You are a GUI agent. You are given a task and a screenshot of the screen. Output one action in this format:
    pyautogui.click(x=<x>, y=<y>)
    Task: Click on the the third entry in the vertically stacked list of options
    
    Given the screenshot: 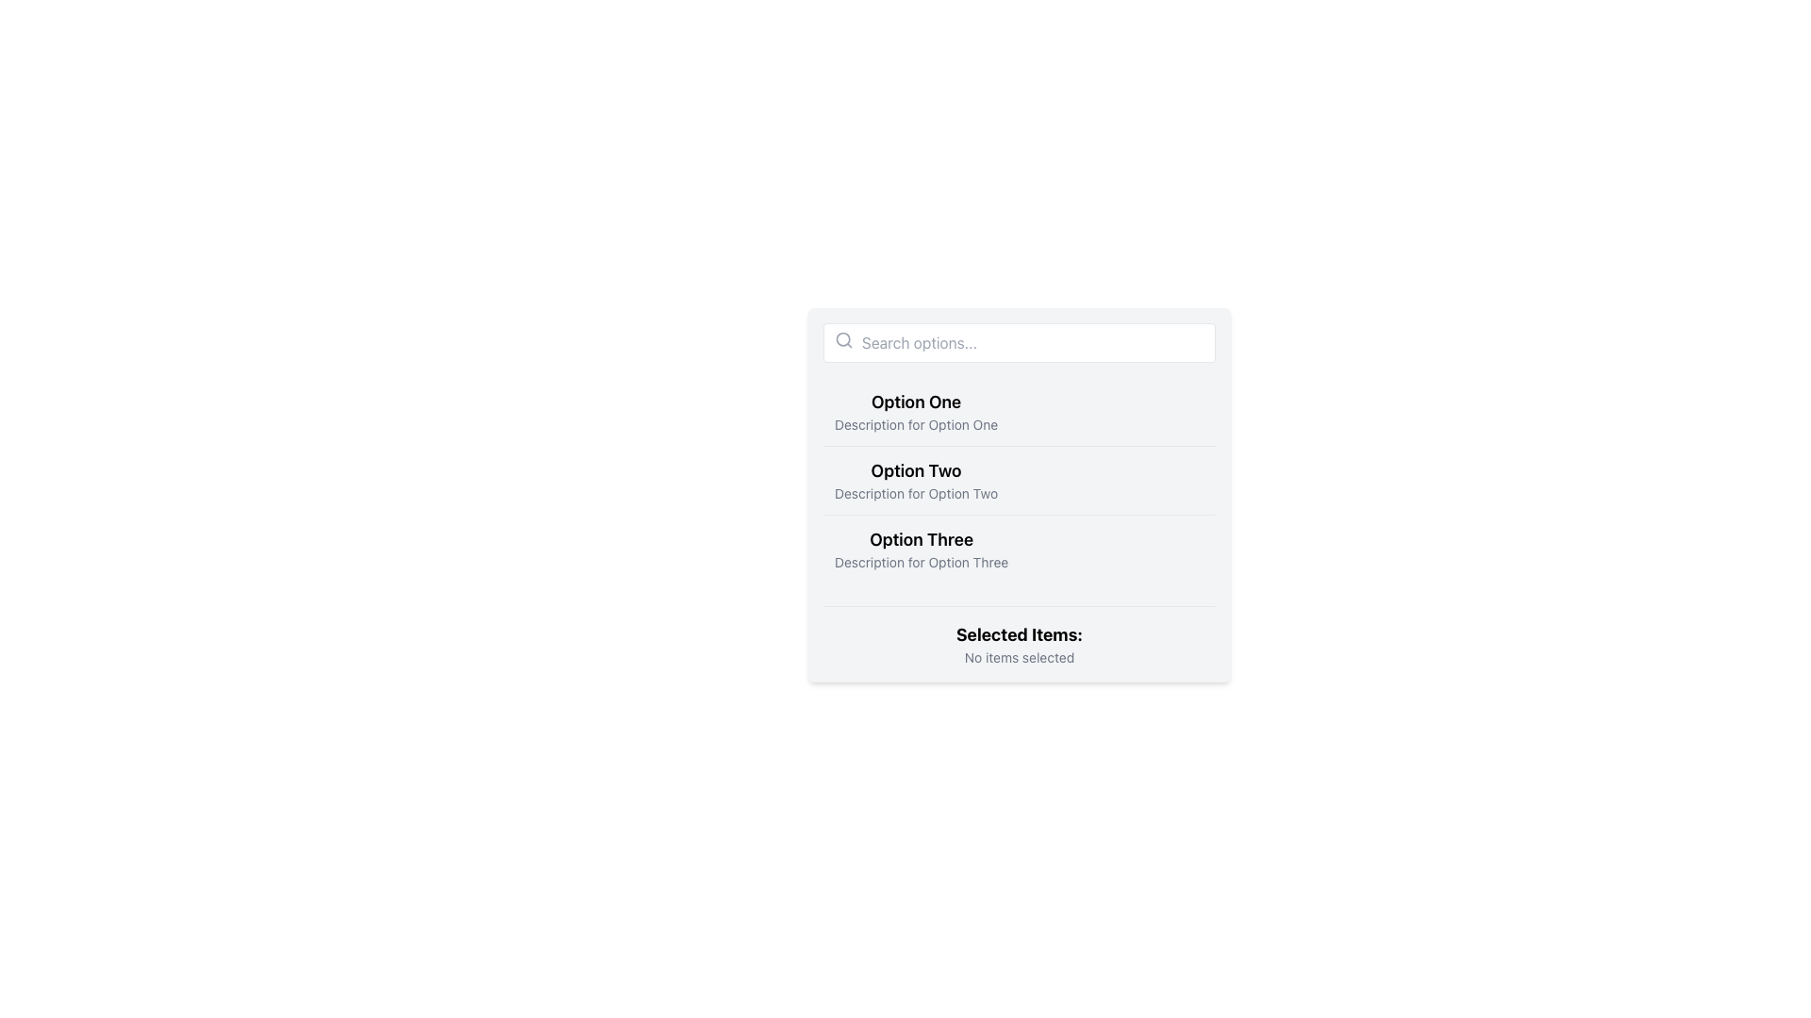 What is the action you would take?
    pyautogui.click(x=1018, y=549)
    